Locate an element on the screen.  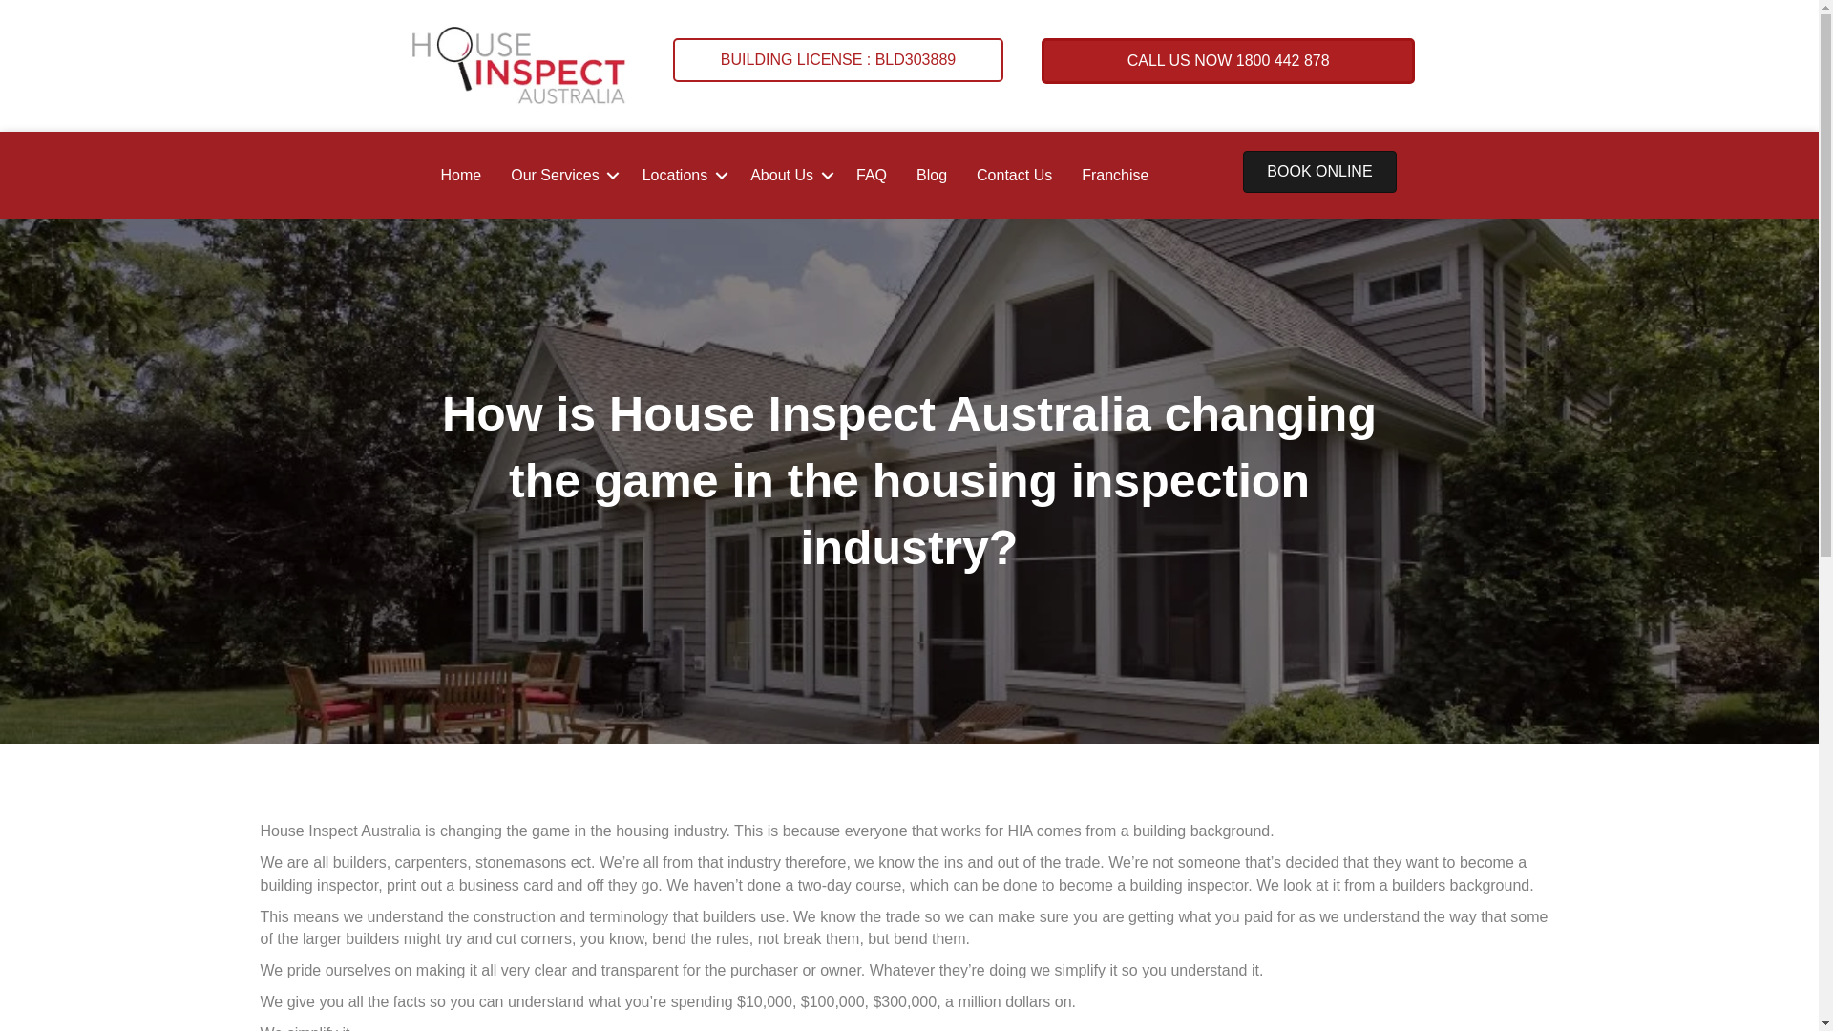
'house inspect australia logo' is located at coordinates (518, 65).